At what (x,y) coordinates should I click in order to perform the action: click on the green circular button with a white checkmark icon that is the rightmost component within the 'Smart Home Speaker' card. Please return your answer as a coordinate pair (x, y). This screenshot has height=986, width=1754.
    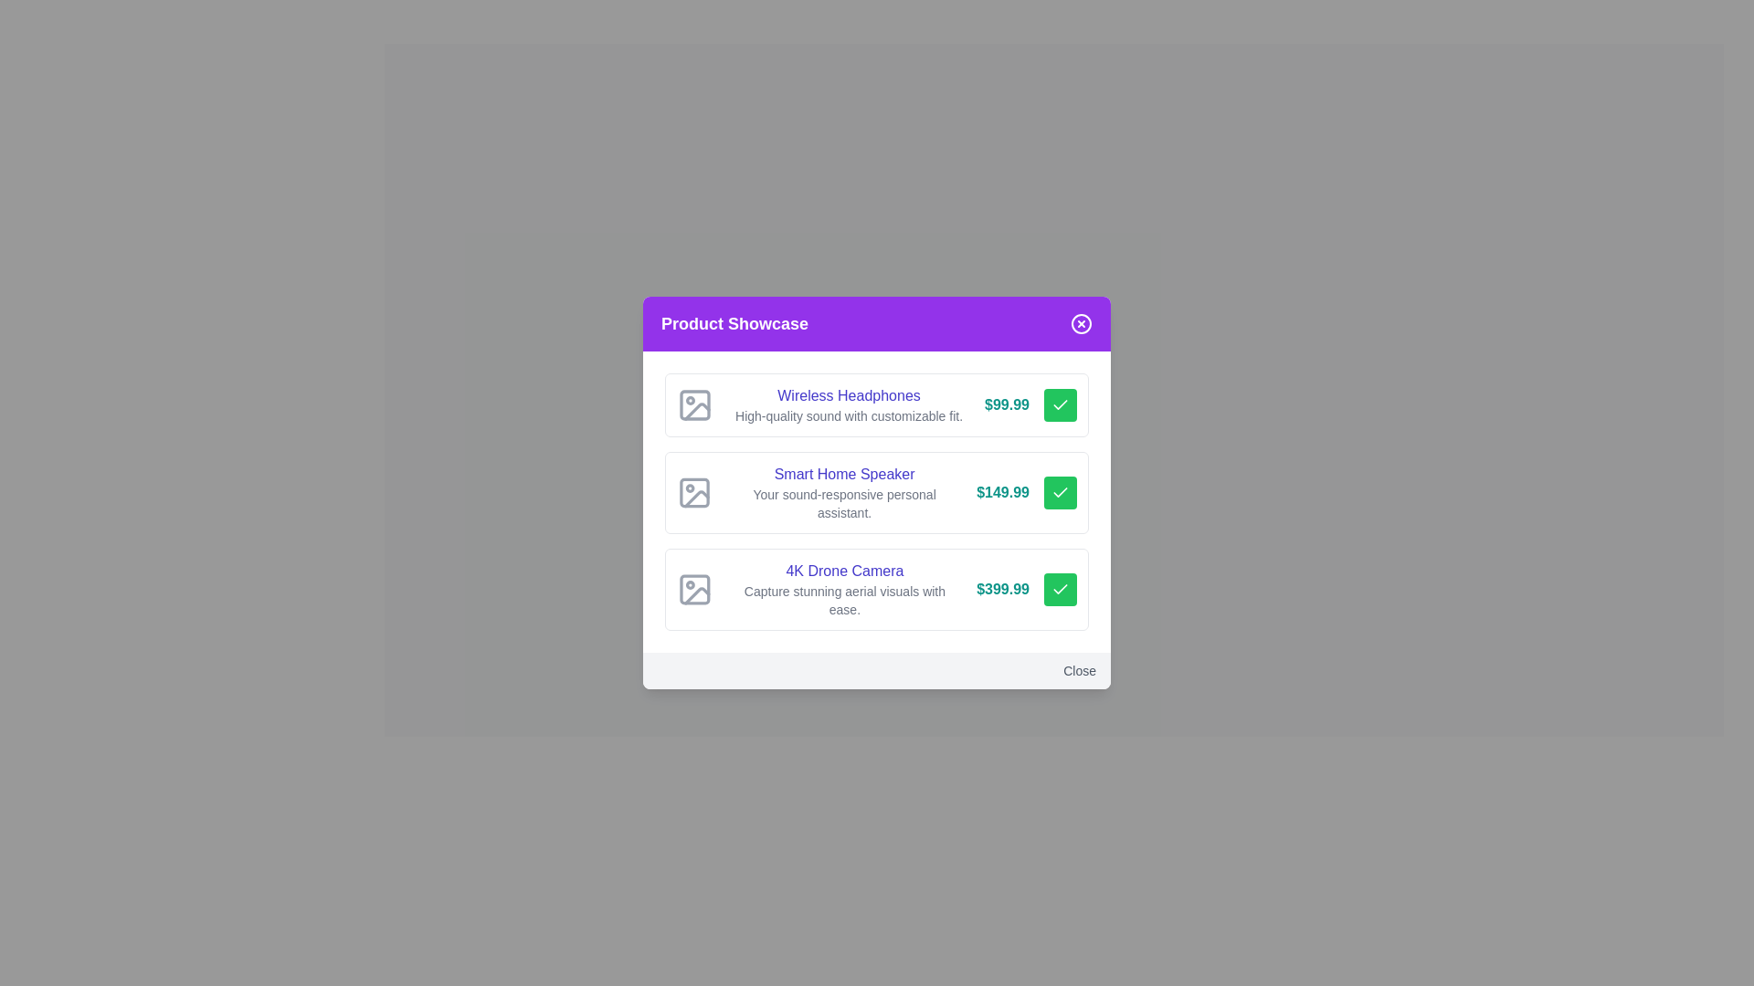
    Looking at the image, I should click on (1061, 493).